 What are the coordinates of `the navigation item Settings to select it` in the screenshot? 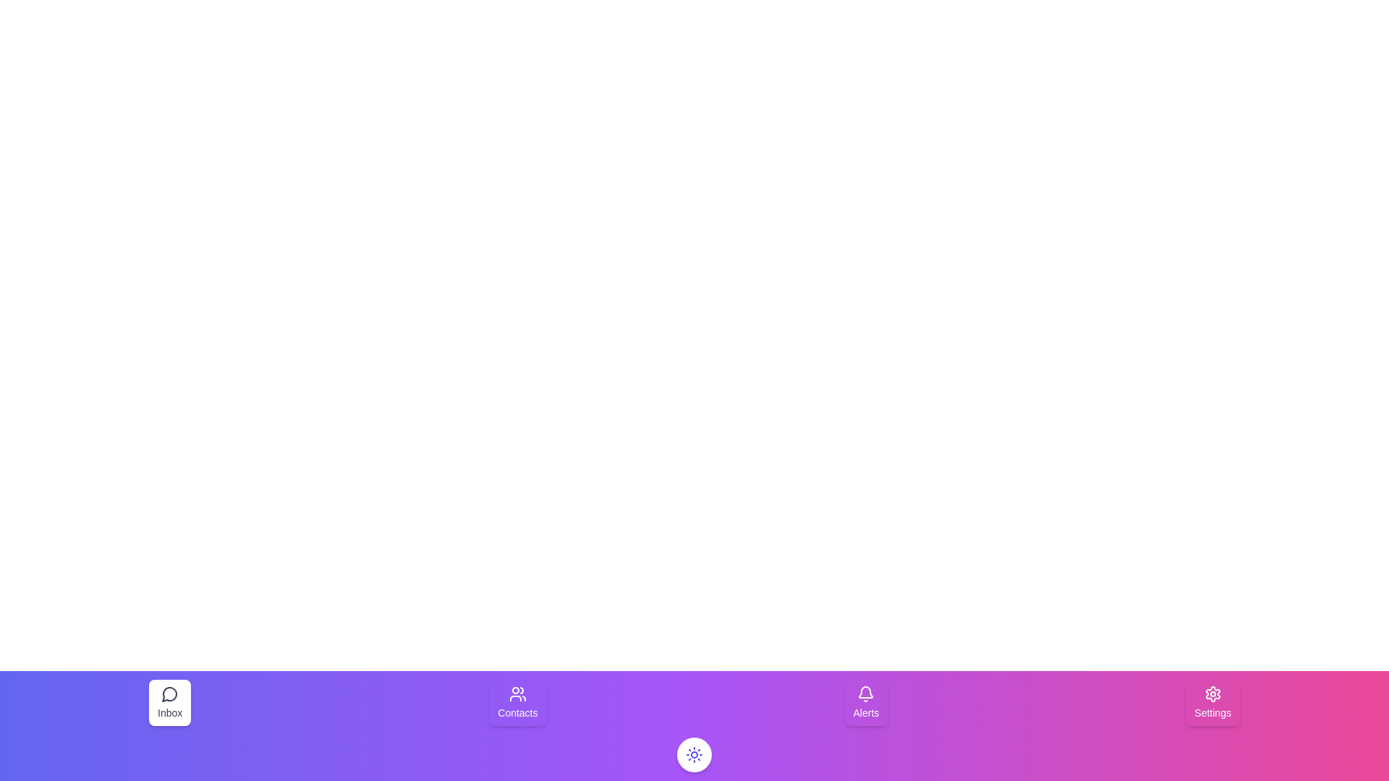 It's located at (1212, 702).